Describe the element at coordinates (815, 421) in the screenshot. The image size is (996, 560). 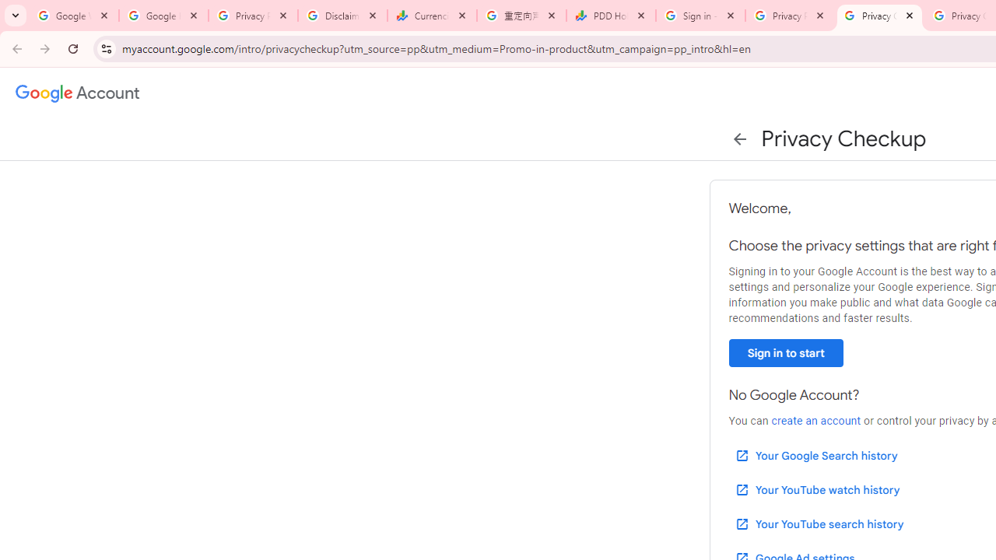
I see `'create an account'` at that location.